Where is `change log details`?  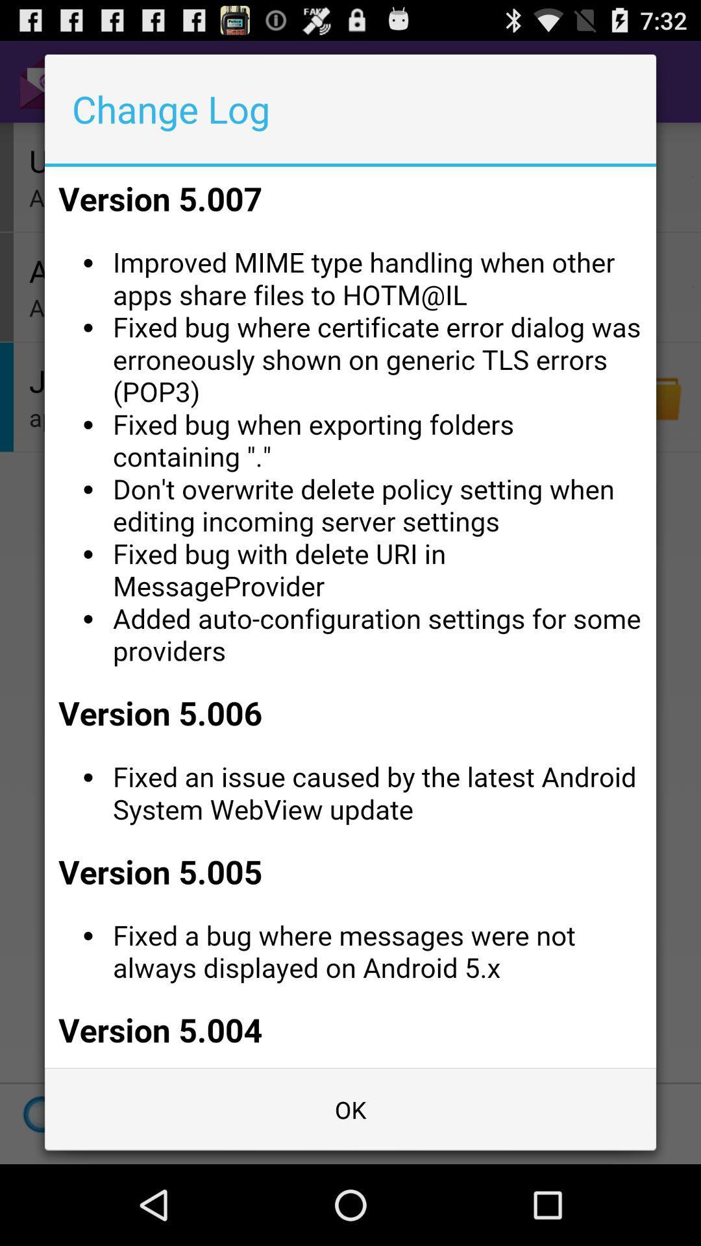 change log details is located at coordinates (350, 617).